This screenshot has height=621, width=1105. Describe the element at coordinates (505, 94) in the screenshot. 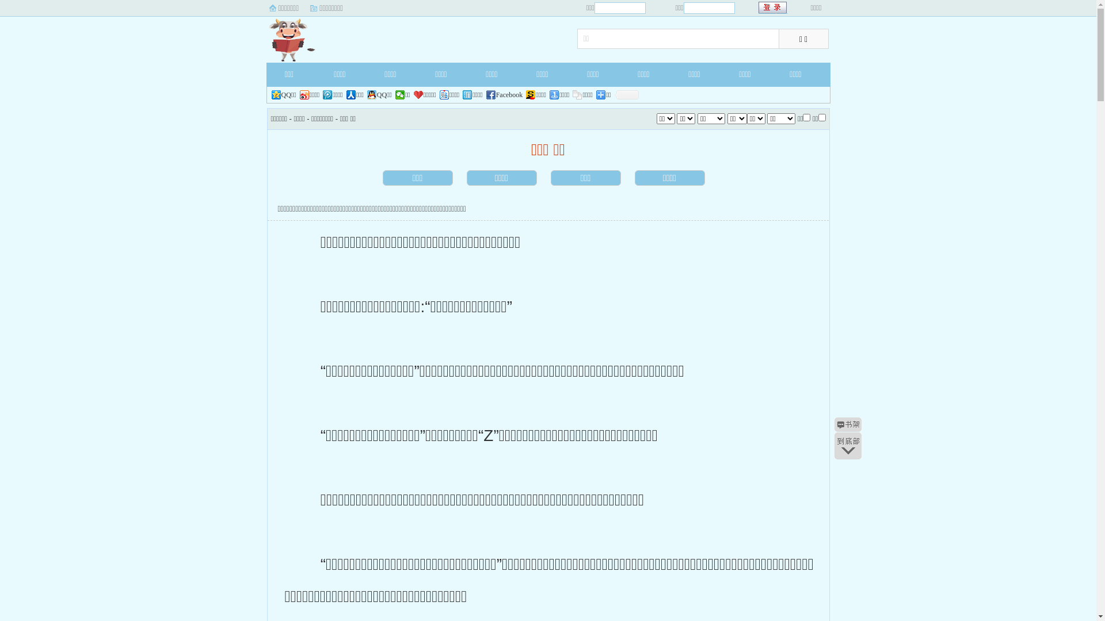

I see `'Facebook'` at that location.